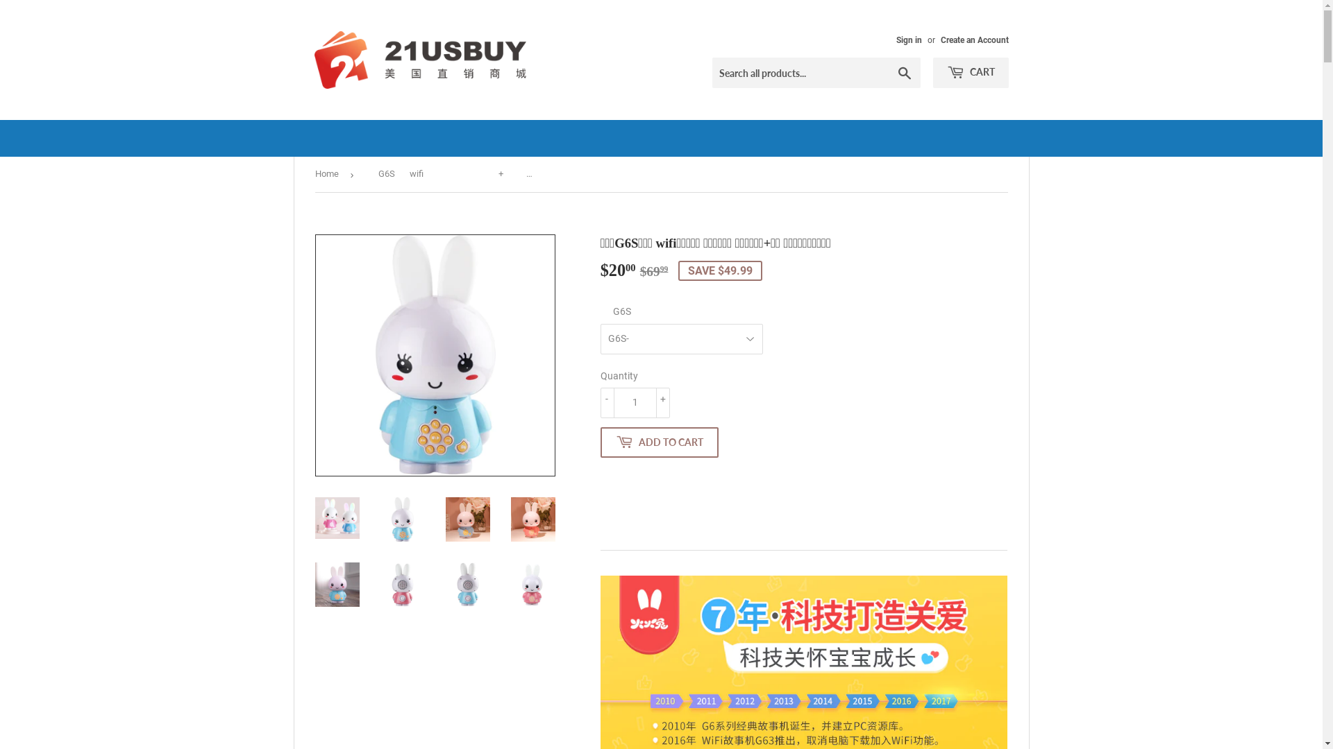 This screenshot has width=1333, height=749. I want to click on 'Create an Account', so click(973, 39).